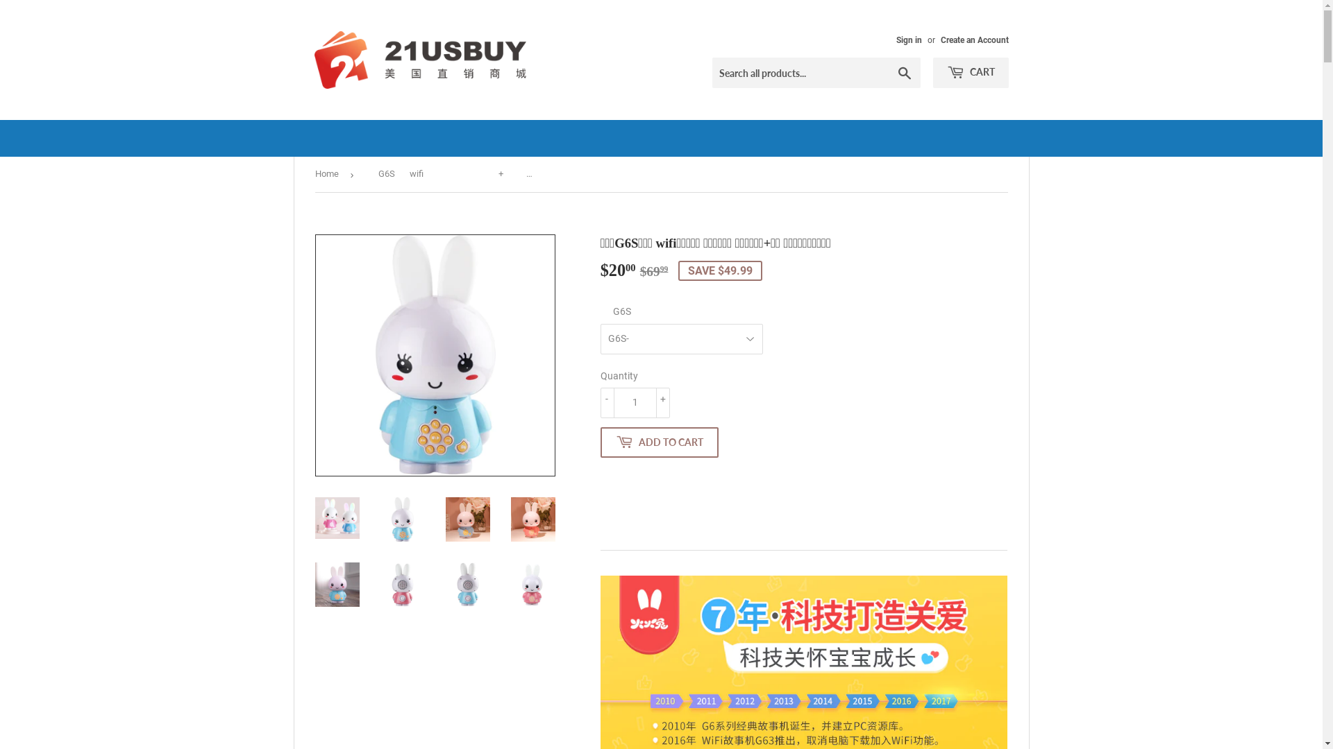 This screenshot has width=1333, height=749. I want to click on 'Create an Account', so click(973, 39).